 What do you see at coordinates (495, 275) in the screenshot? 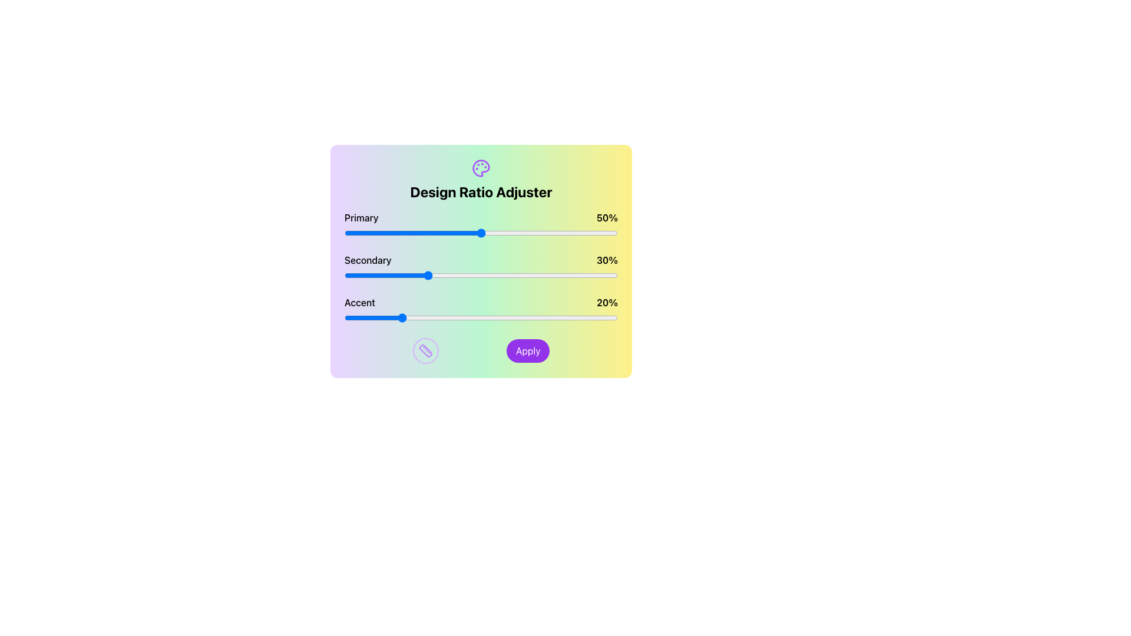
I see `the secondary slider value` at bounding box center [495, 275].